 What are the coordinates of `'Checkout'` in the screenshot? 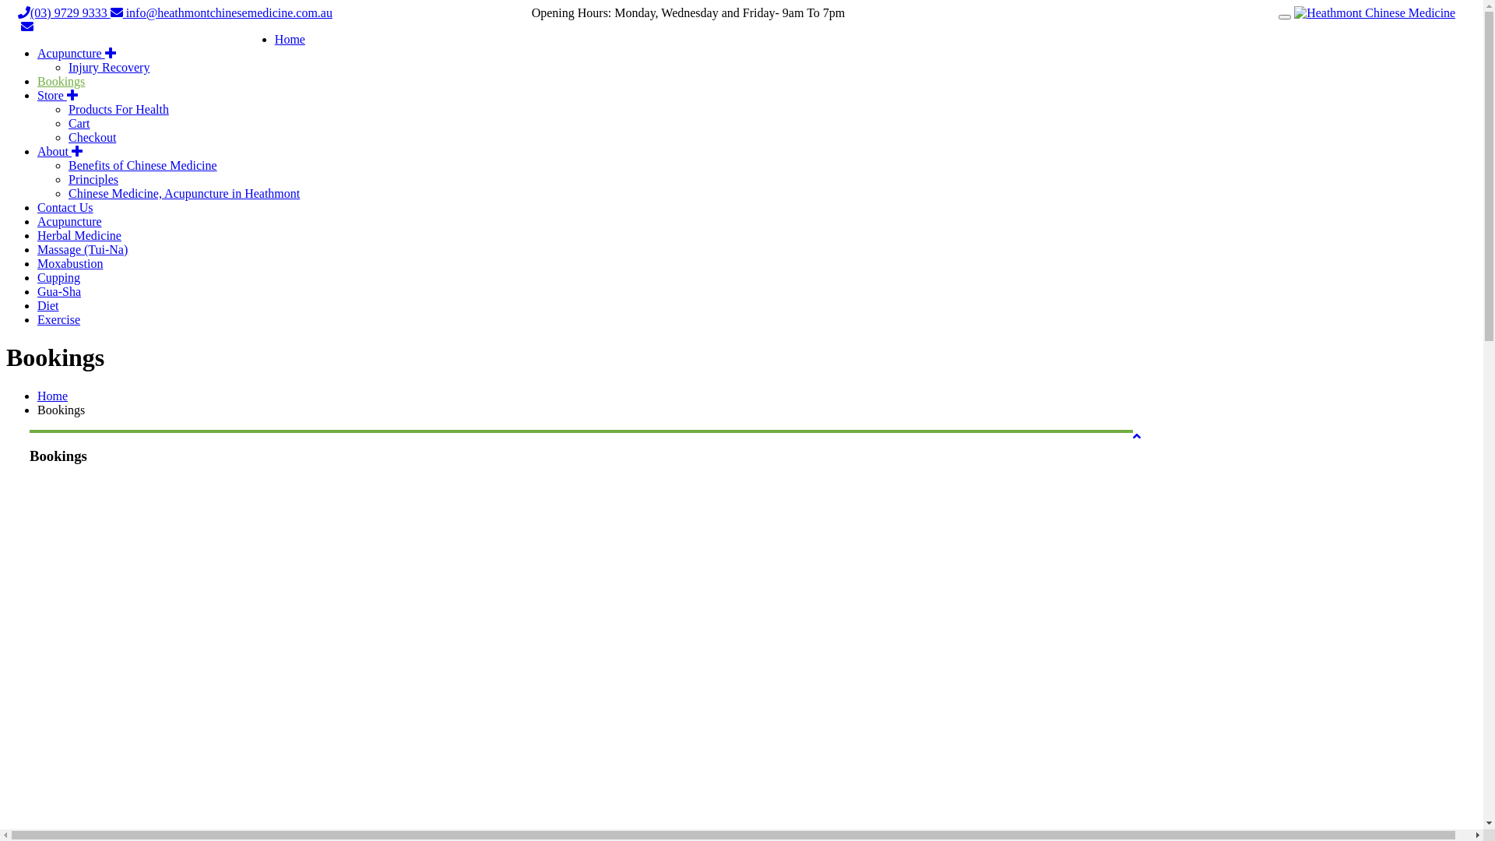 It's located at (91, 136).